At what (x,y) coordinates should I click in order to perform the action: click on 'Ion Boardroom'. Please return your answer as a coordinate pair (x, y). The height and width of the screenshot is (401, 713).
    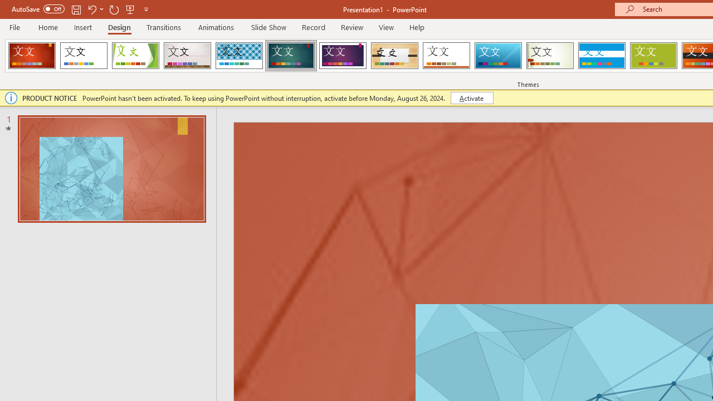
    Looking at the image, I should click on (342, 56).